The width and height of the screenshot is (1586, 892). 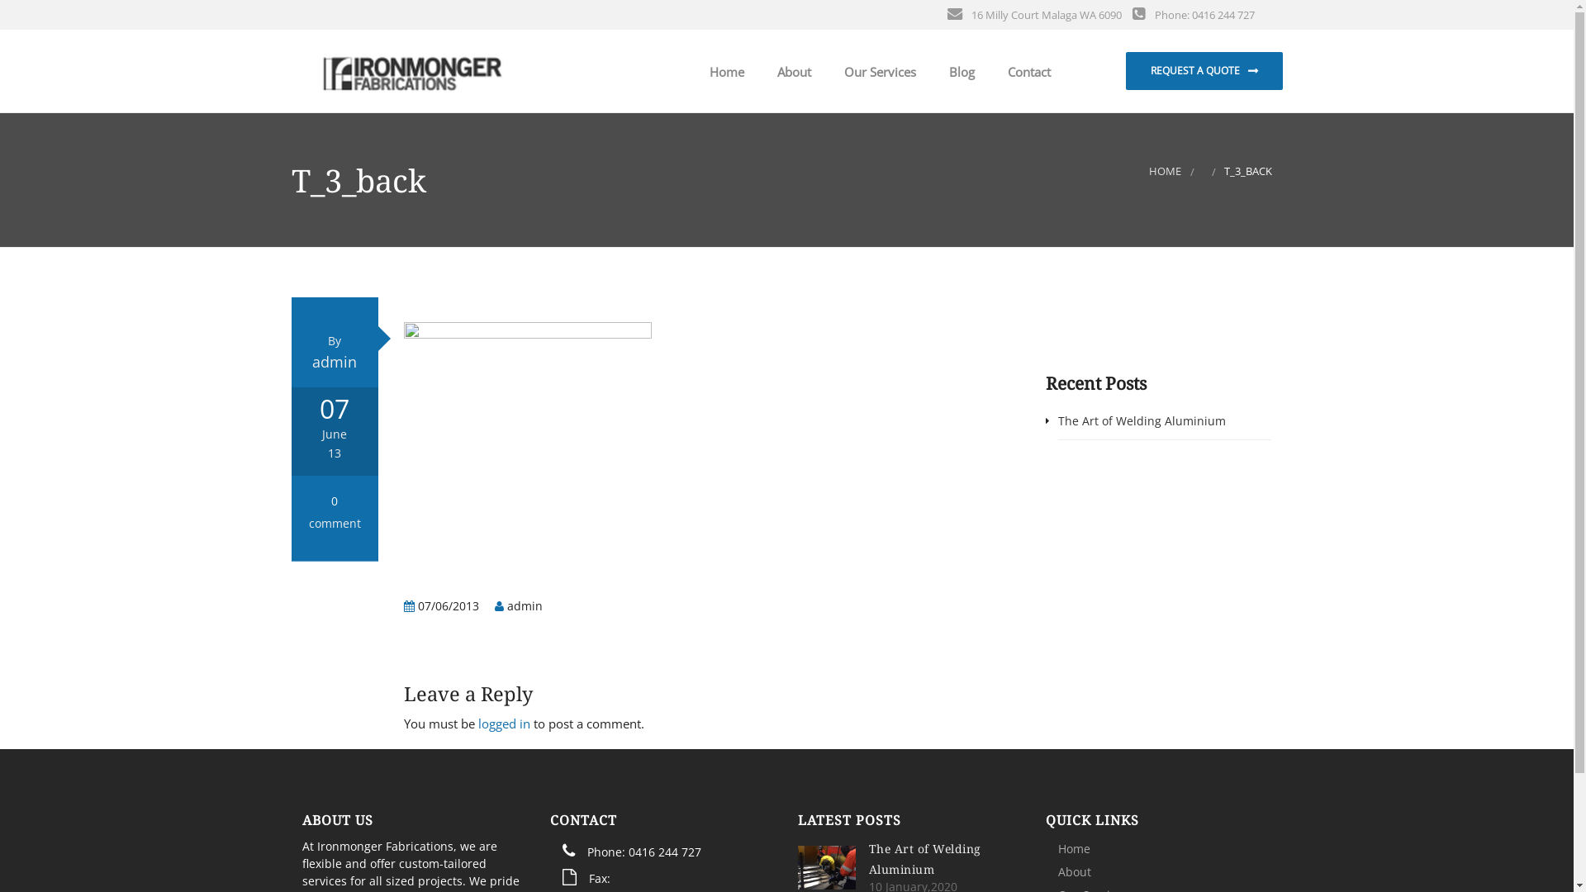 I want to click on 'HOME', so click(x=1164, y=171).